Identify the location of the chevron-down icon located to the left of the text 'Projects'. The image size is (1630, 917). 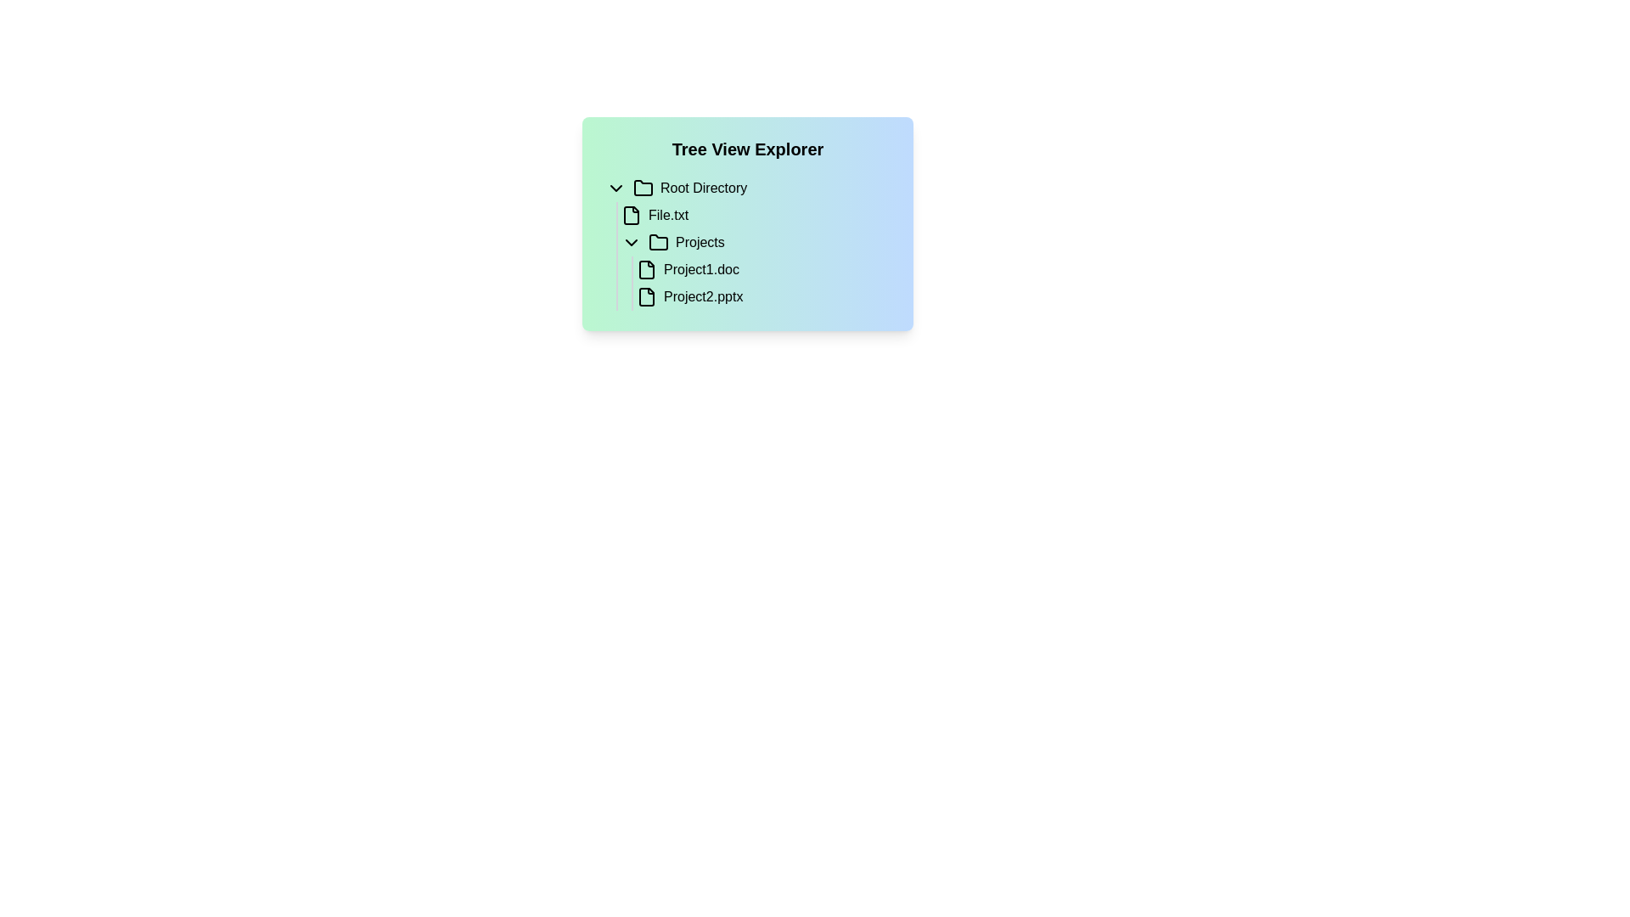
(631, 242).